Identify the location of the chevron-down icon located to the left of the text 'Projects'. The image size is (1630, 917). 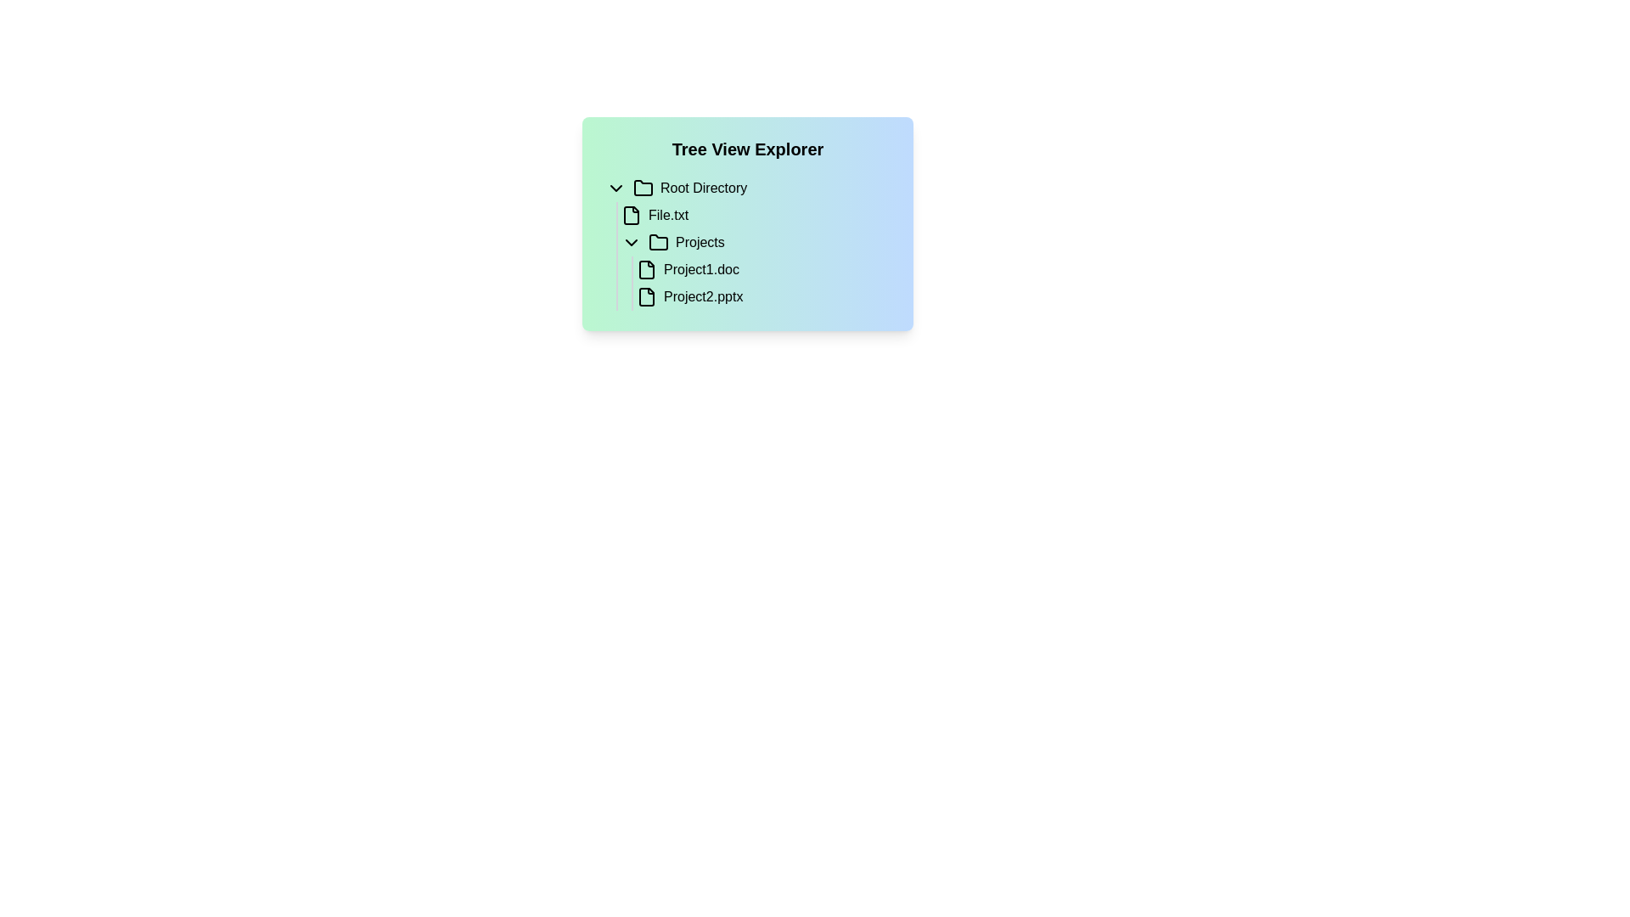
(631, 242).